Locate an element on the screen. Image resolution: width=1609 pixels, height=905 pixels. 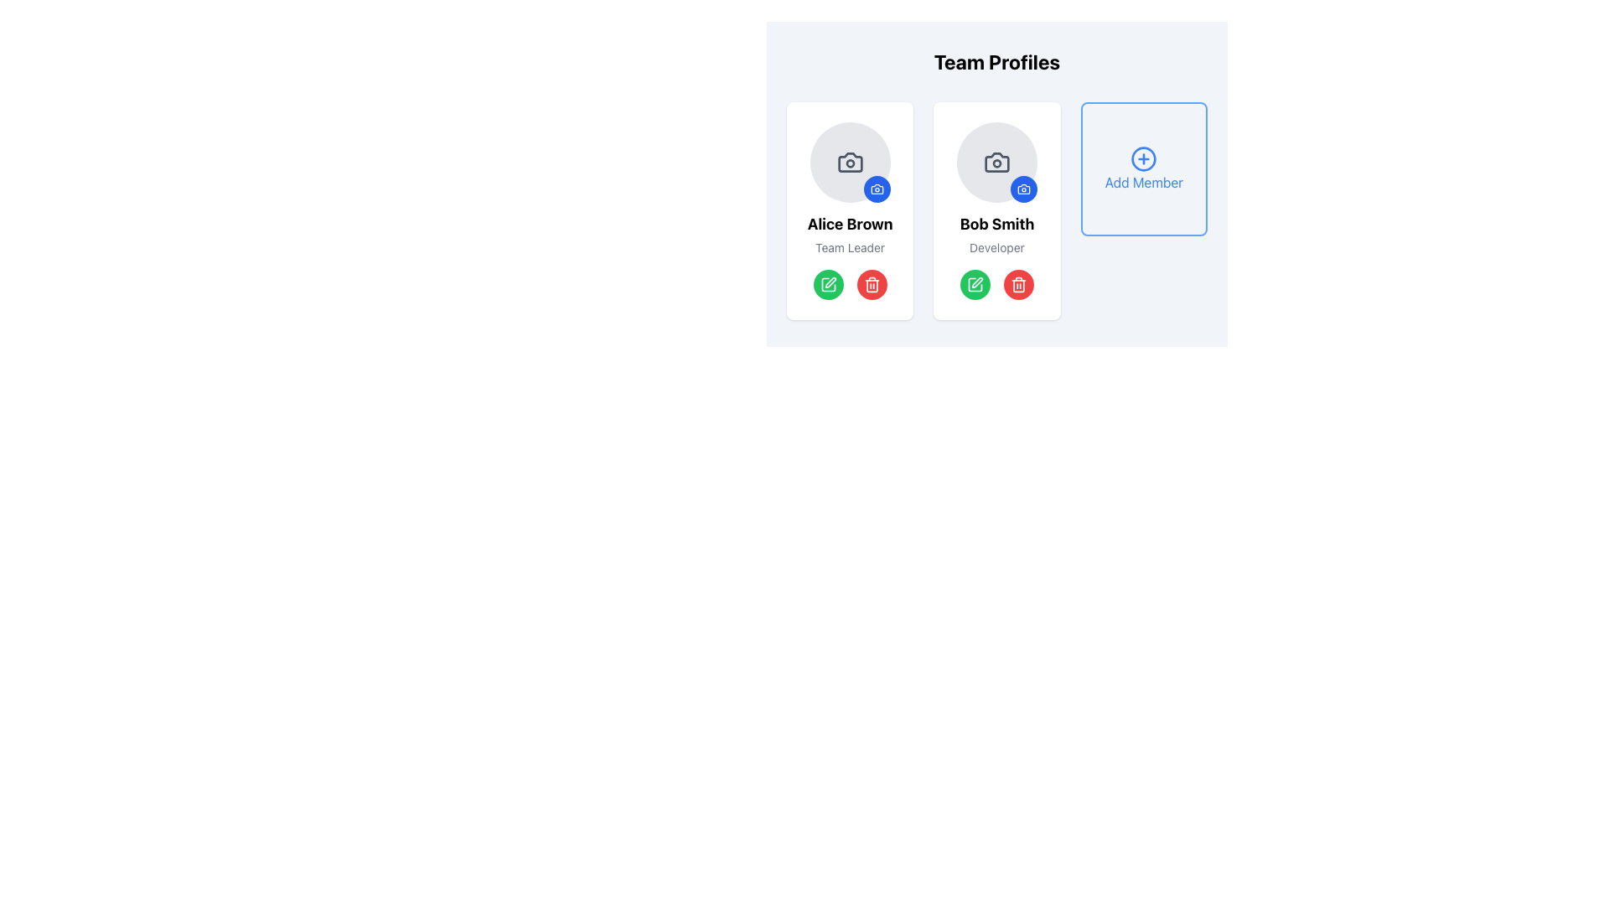
the trash icon representing the delete functionality for Bob Smith, Developer, located at the bottom-right corner of the card is located at coordinates (1017, 285).